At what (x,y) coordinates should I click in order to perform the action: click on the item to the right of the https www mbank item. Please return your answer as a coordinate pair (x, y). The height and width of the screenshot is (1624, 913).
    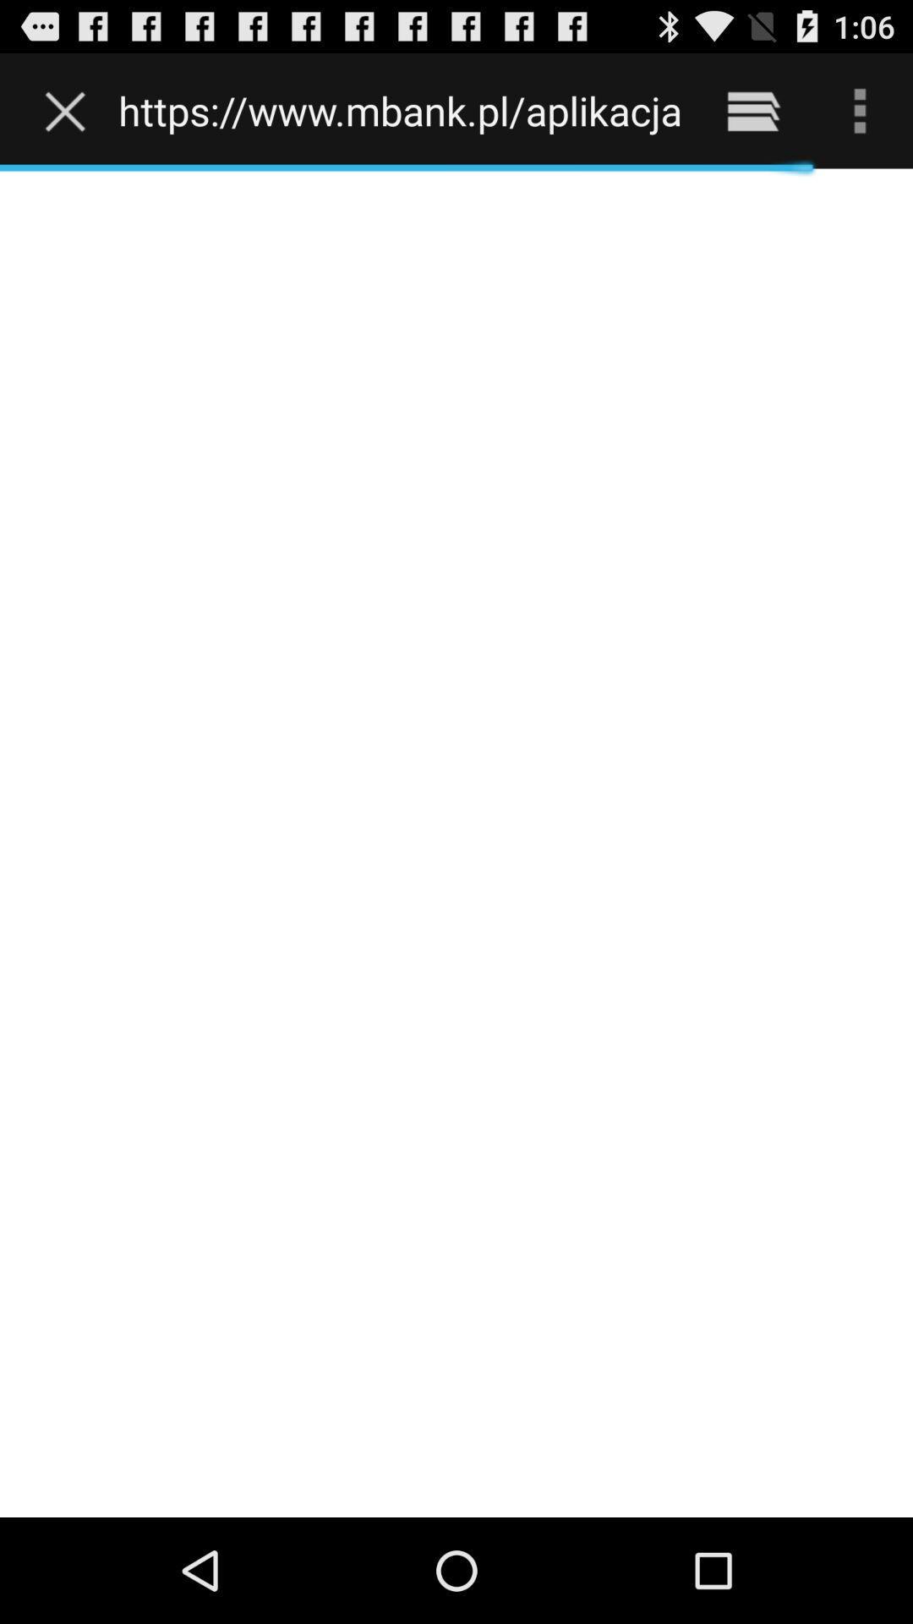
    Looking at the image, I should click on (752, 110).